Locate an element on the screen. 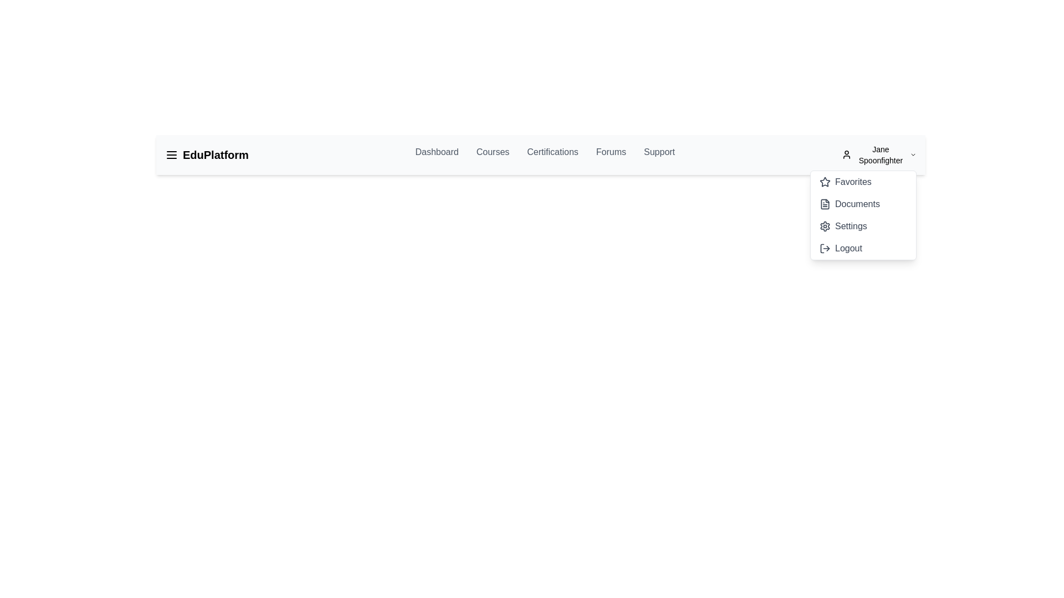 The height and width of the screenshot is (598, 1064). the fourth hyperlink in the horizontal navigation bar is located at coordinates (610, 155).